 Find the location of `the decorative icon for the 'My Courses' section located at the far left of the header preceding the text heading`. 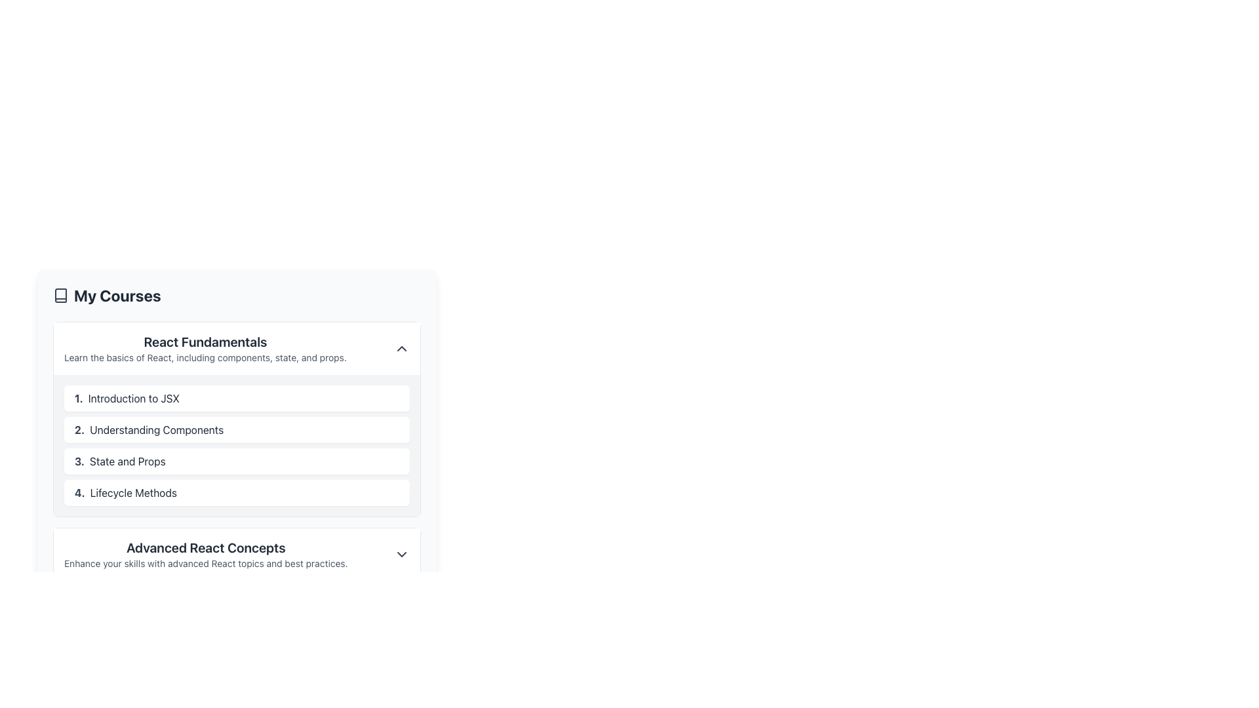

the decorative icon for the 'My Courses' section located at the far left of the header preceding the text heading is located at coordinates (60, 296).